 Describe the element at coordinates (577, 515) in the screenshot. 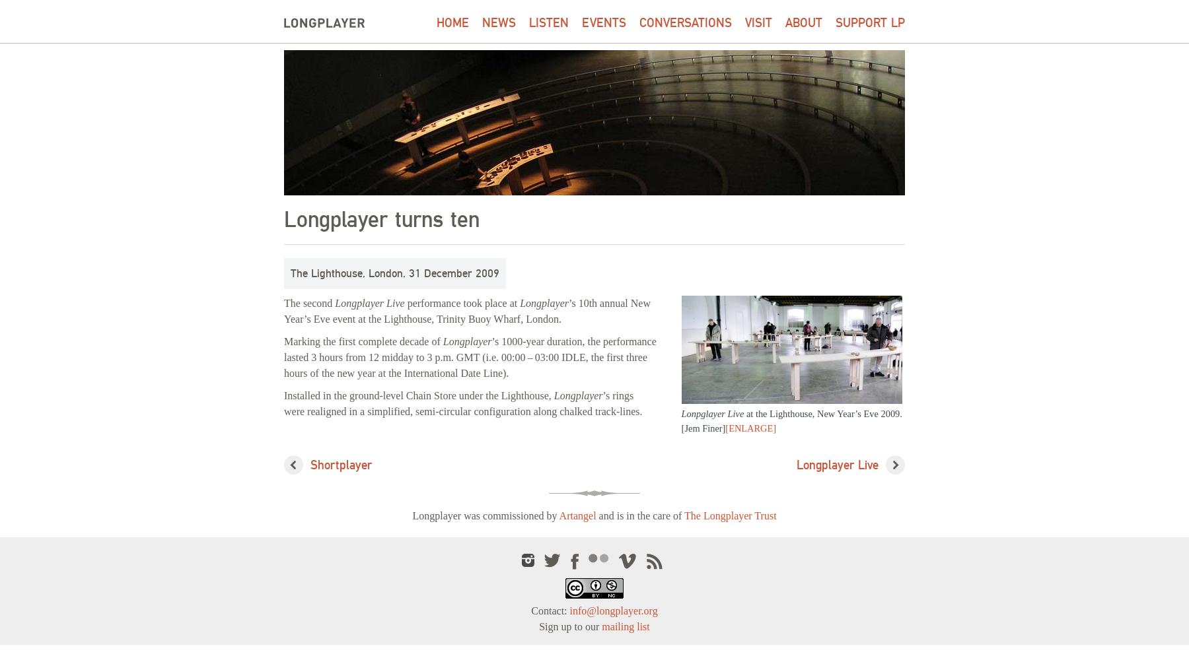

I see `'Artangel'` at that location.